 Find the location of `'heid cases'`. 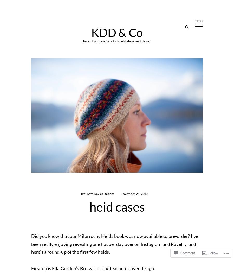

'heid cases' is located at coordinates (117, 207).